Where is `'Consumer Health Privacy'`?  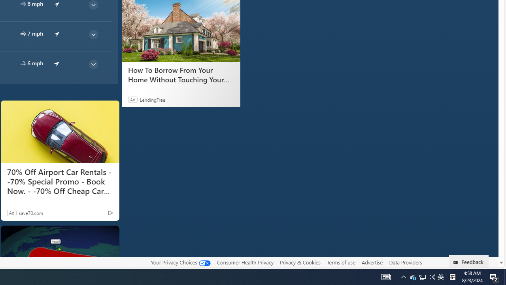
'Consumer Health Privacy' is located at coordinates (245, 262).